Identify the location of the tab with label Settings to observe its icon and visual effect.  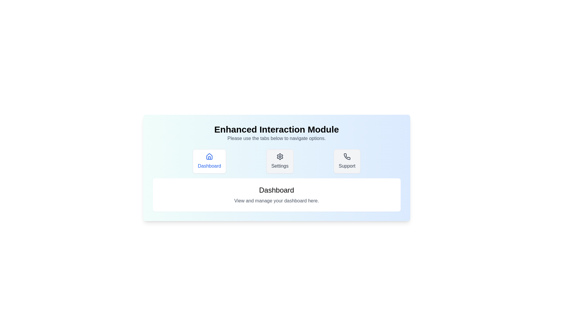
(279, 161).